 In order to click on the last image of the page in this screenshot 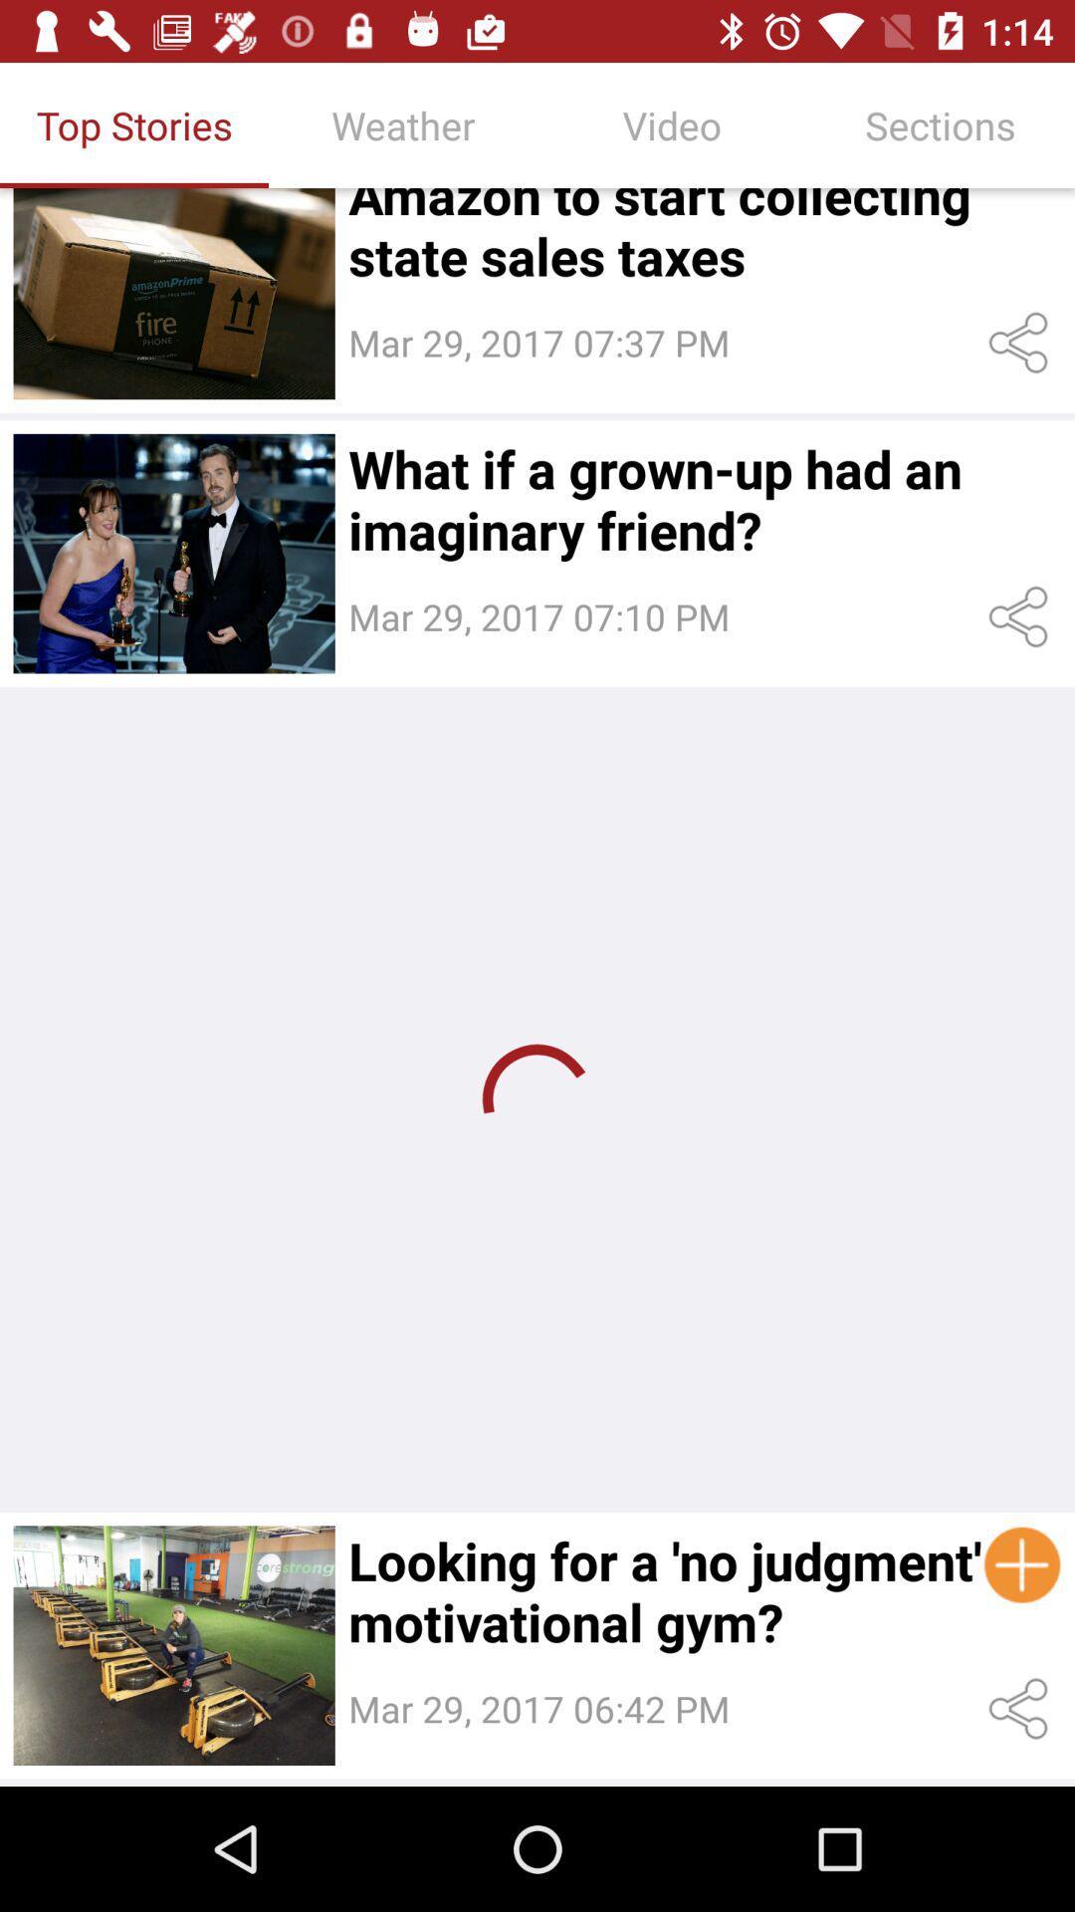, I will do `click(173, 1645)`.